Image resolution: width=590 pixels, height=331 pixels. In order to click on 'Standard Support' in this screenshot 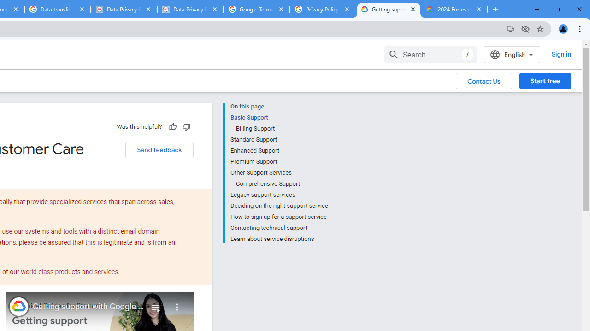, I will do `click(278, 140)`.